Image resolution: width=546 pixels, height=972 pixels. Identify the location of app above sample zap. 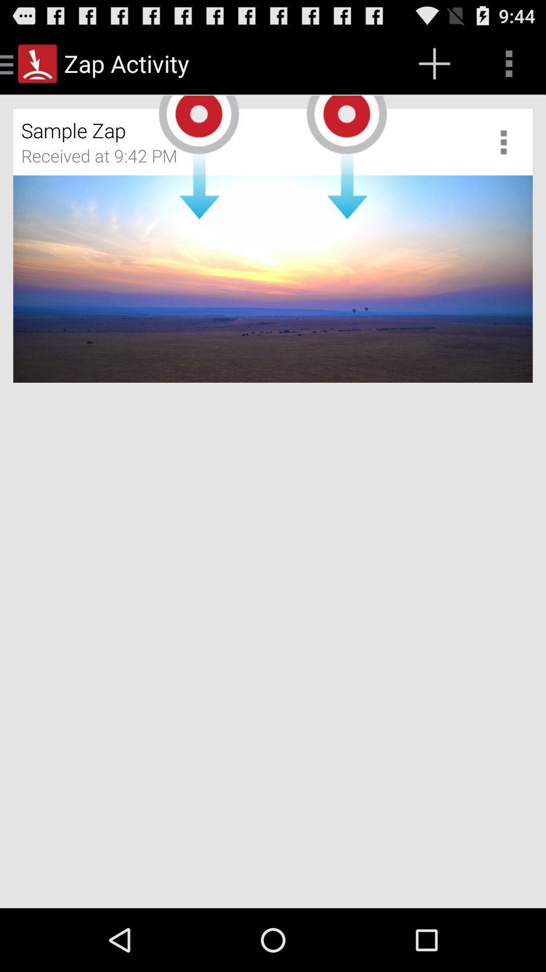
(434, 63).